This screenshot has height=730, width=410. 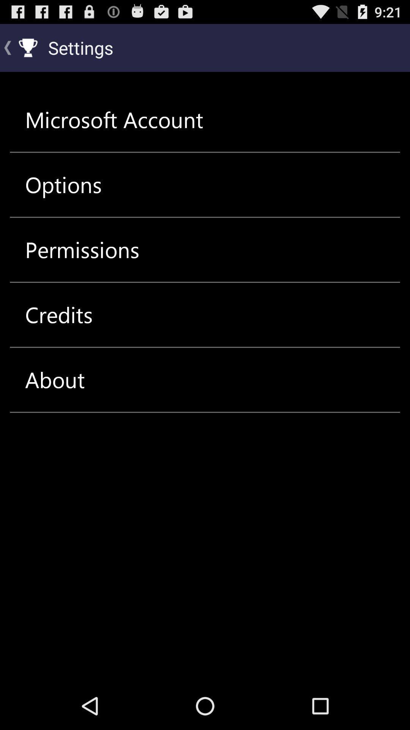 I want to click on the credits icon, so click(x=58, y=315).